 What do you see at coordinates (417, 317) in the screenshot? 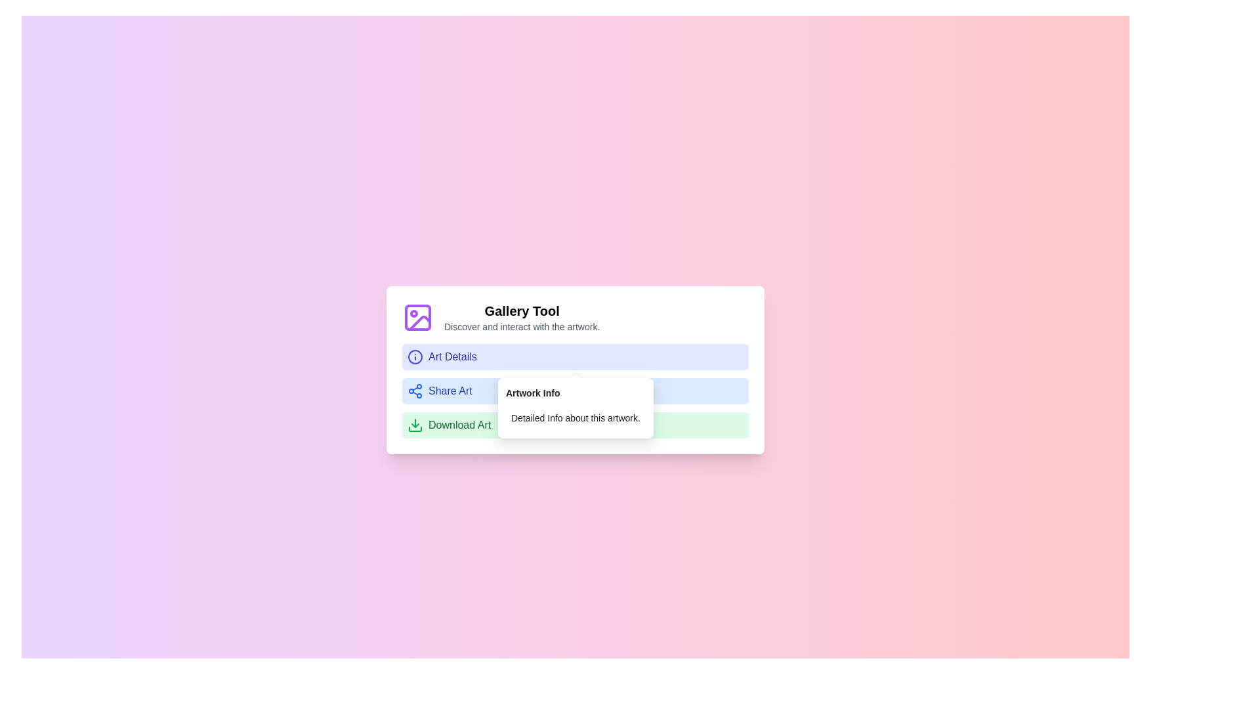
I see `the 'Gallery Tool' icon located to the left of the 'Gallery Tool' text` at bounding box center [417, 317].